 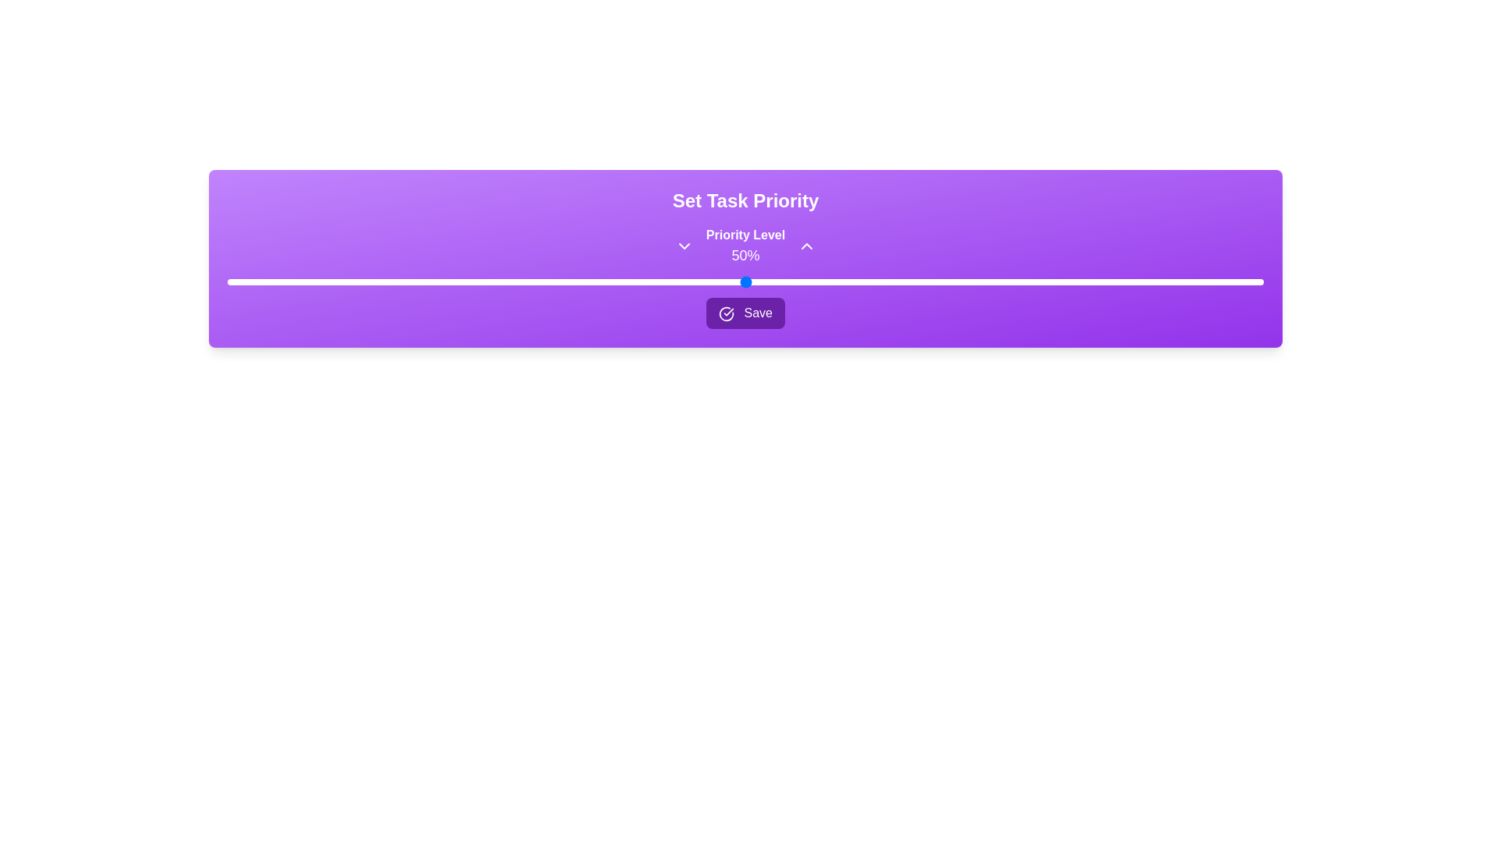 I want to click on the static text label displaying the current percentage value for the priority level, located directly below the 'Priority Level' text within the purple header section, so click(x=745, y=254).